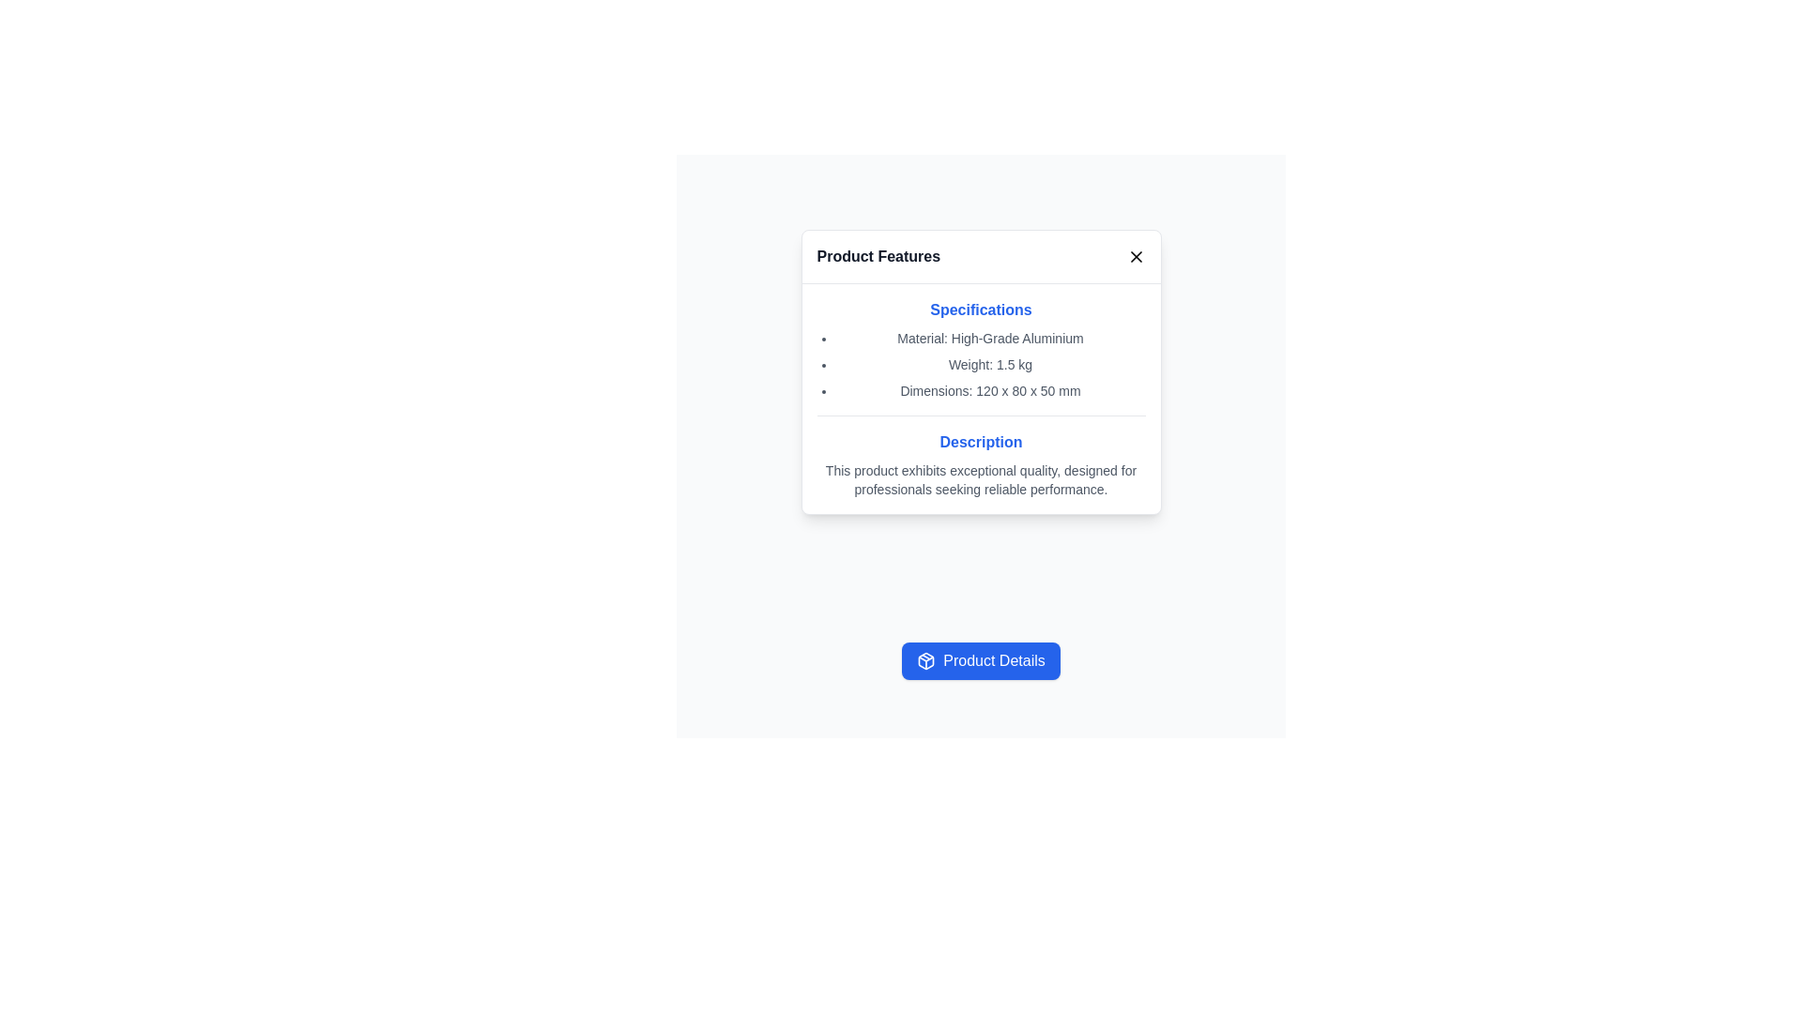 The image size is (1802, 1013). Describe the element at coordinates (980, 310) in the screenshot. I see `the text label that reads 'Specifications', which is centrally located in the upper portion of the 'Product Features' card component` at that location.